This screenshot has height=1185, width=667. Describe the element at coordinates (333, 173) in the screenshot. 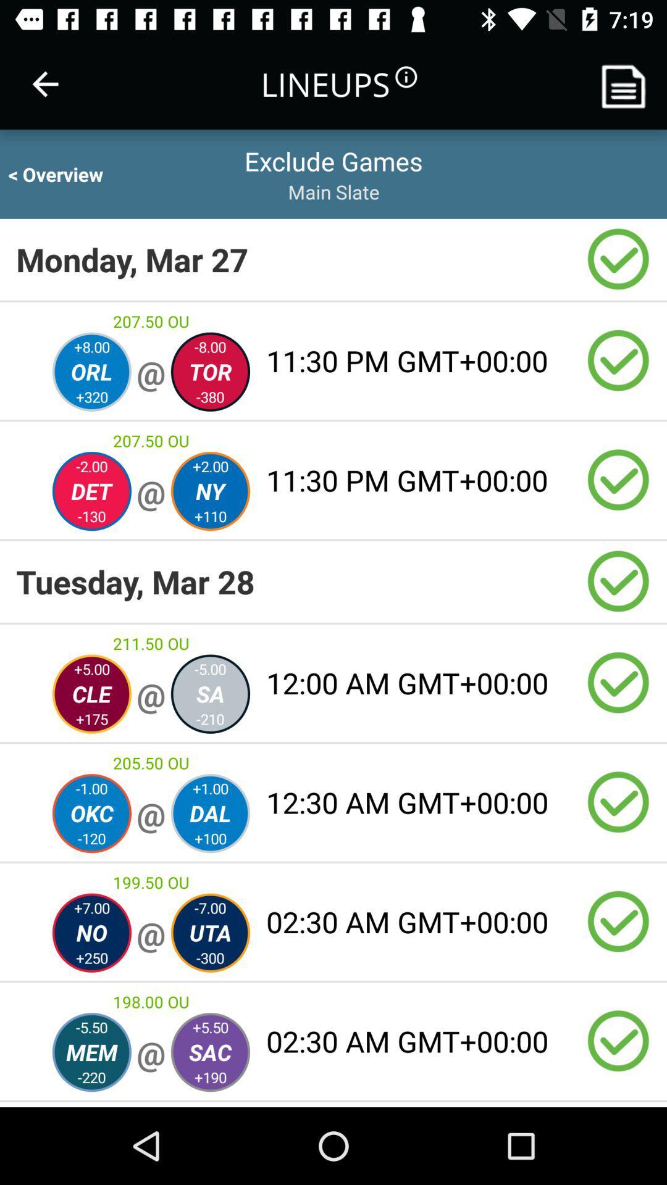

I see `the two lines which is just beside overview` at that location.